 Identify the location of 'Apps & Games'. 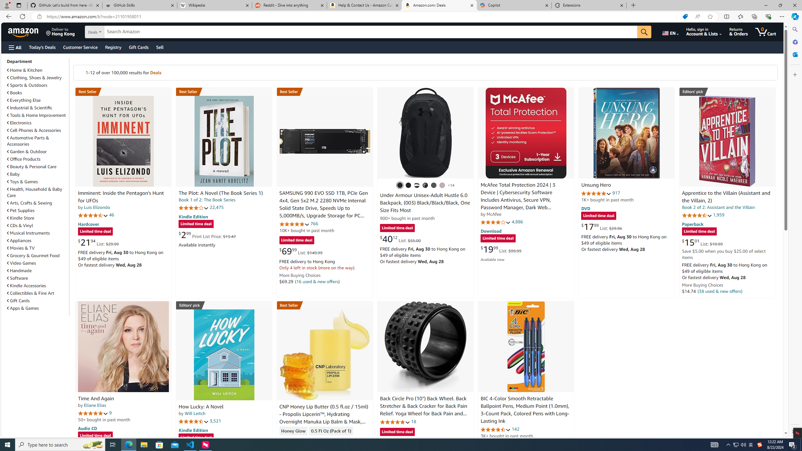
(37, 308).